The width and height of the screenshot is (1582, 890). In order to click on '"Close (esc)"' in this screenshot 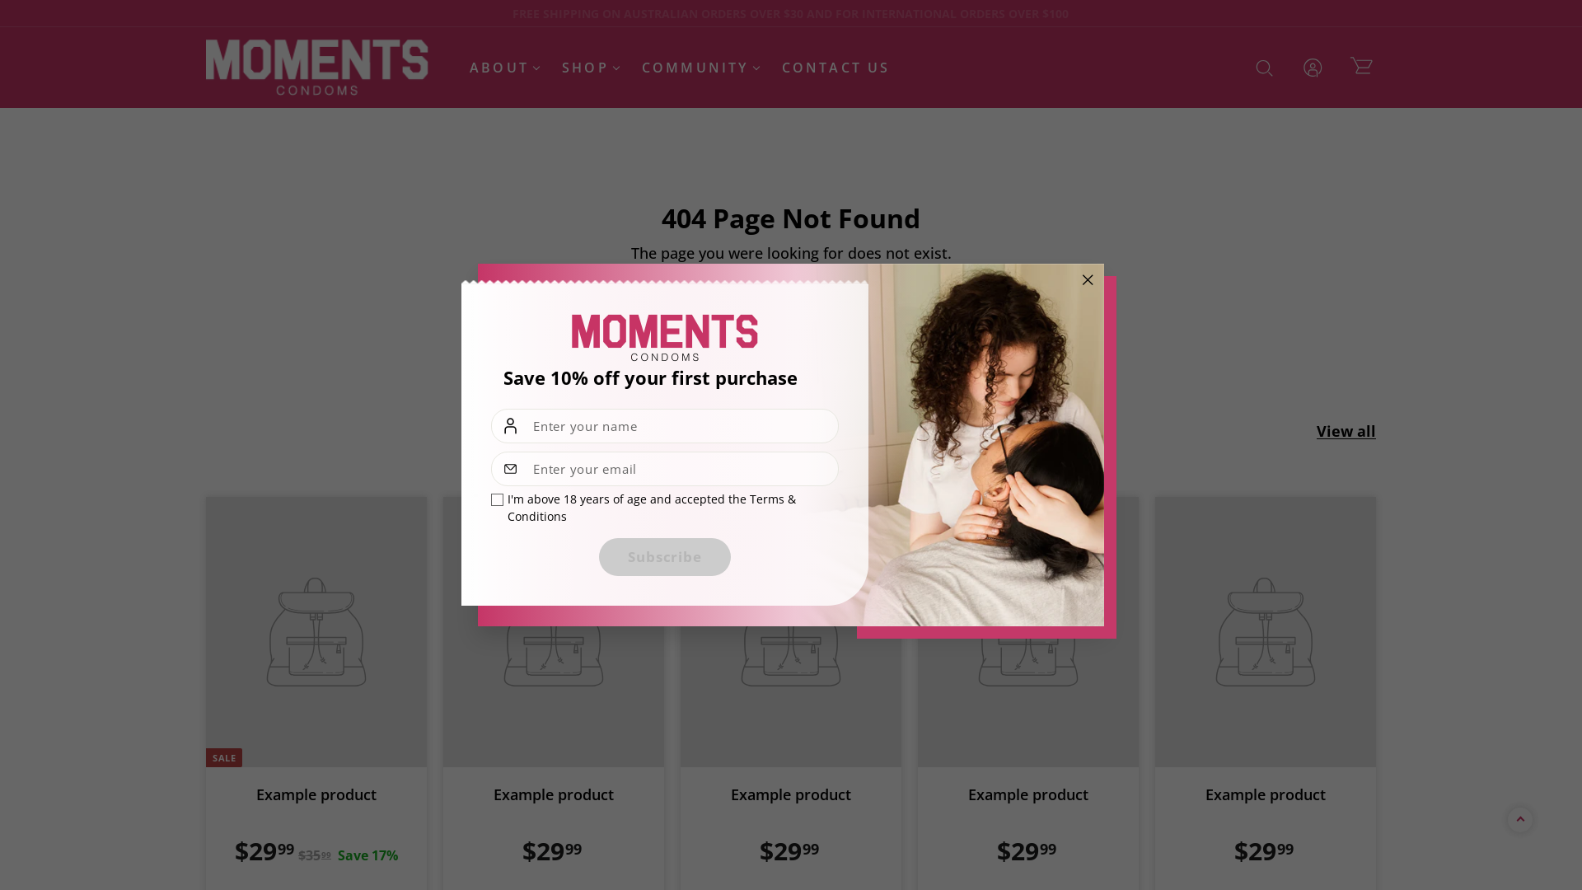, I will do `click(1071, 279)`.